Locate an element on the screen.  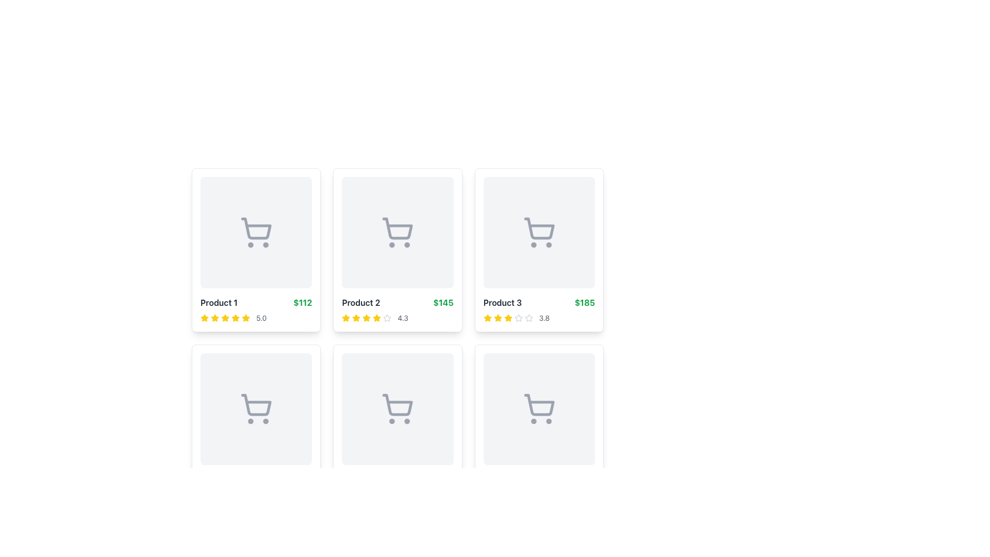
the fifth rating star icon in the rating system for the second product to check if it has interactive functionality is located at coordinates (376, 318).